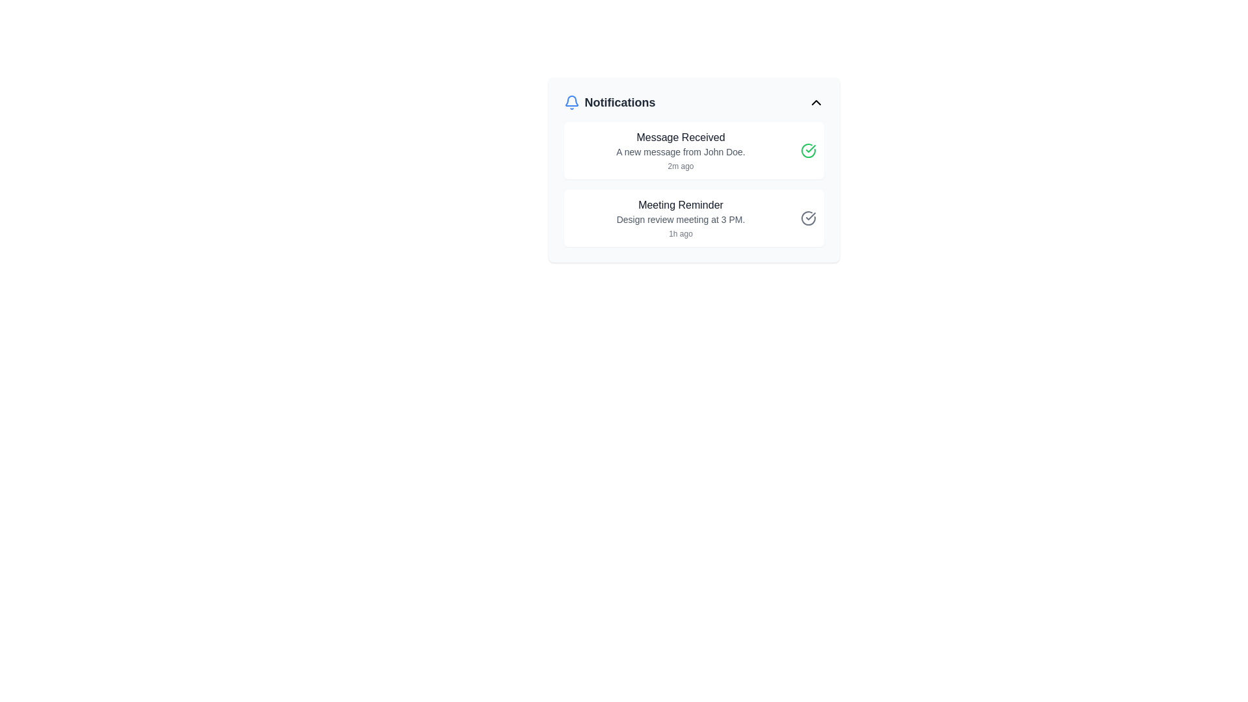  I want to click on the green checkmark icon in the notification card titled 'Message Received', which indicates completion or acknowledgment, so click(693, 149).